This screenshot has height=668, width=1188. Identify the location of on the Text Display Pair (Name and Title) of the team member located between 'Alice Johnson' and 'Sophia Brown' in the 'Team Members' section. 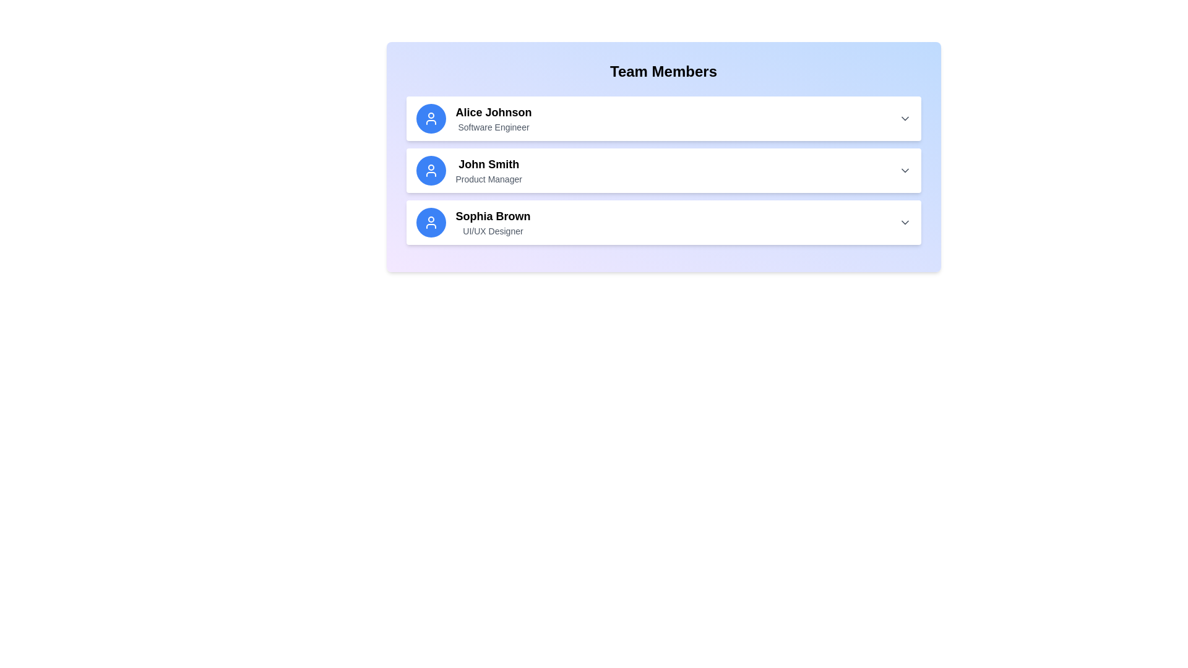
(488, 171).